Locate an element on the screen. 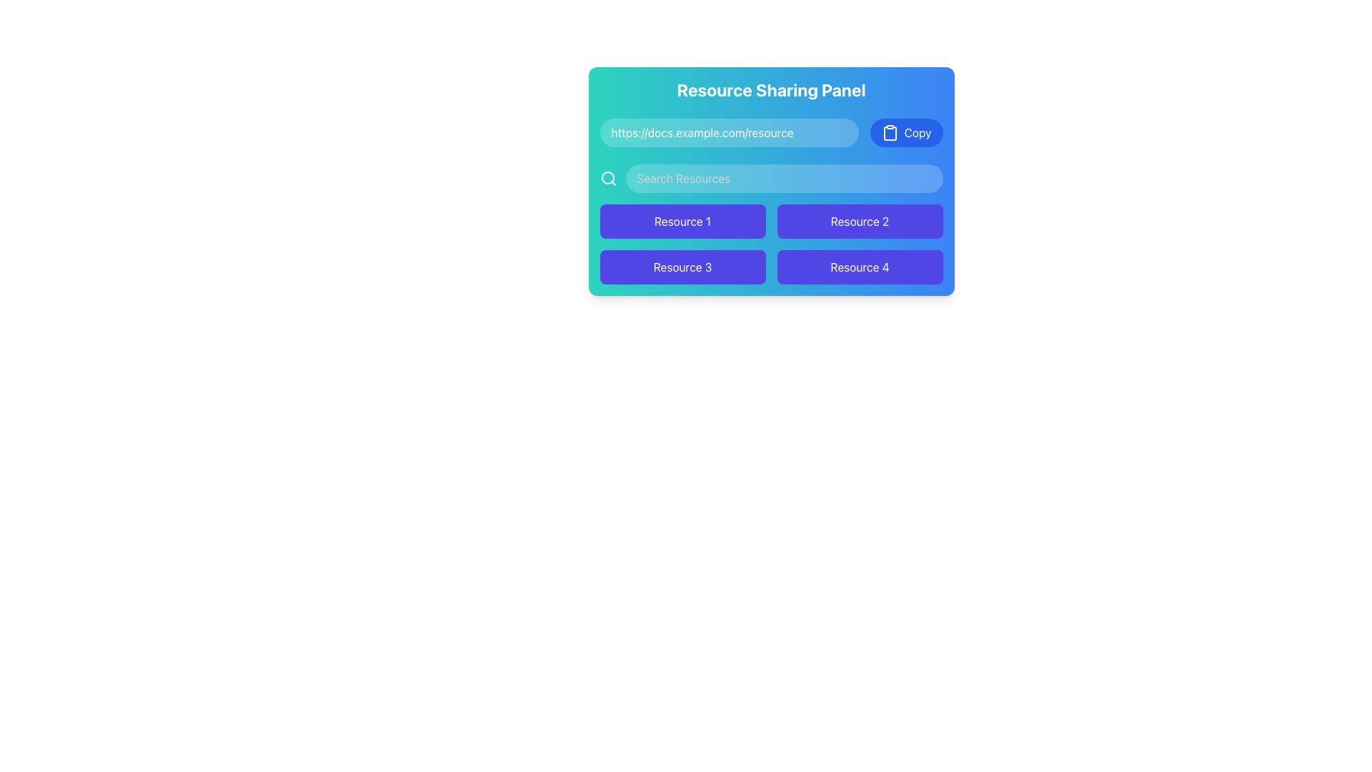 Image resolution: width=1372 pixels, height=772 pixels. the 'Copy' button located in the top-right corner of the Resource Sharing Panel, which contains a blue clipboard icon with a white outline is located at coordinates (889, 133).